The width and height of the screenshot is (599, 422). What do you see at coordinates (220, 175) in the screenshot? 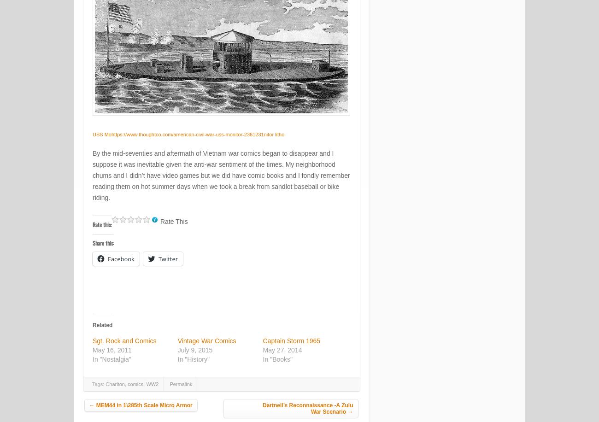
I see `'By the mid-seventies and aftermath of Vietnam war comics began to disappear and I suppose it was inevitable given the anti-war sentiment of the times. My neighborhood chums and I didn’t have video games but we did have comic books and I fondly remember reading them on hot summer days when we took a break from sandlot baseball or bike riding.'` at bounding box center [220, 175].